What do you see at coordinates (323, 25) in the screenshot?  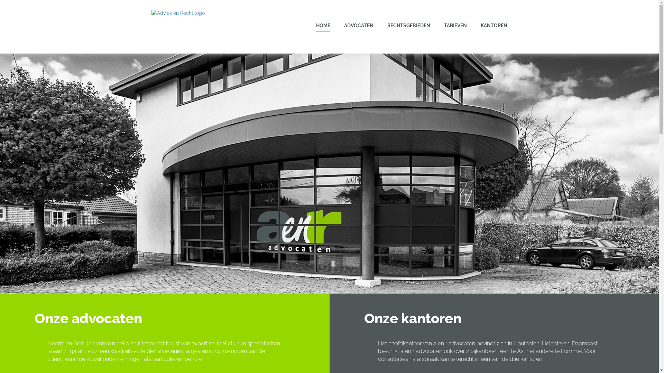 I see `'HOME'` at bounding box center [323, 25].